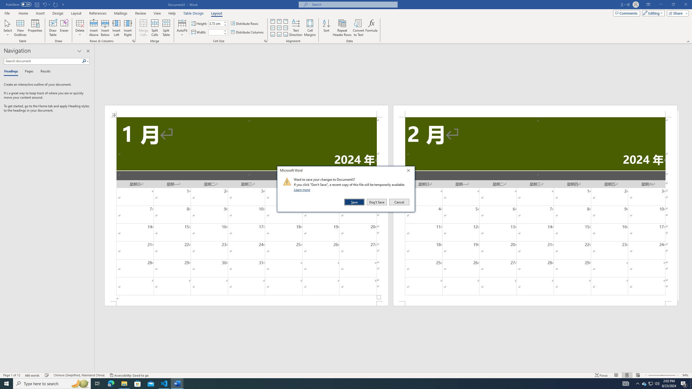 The height and width of the screenshot is (389, 692). What do you see at coordinates (285, 34) in the screenshot?
I see `'Align Bottom Right'` at bounding box center [285, 34].